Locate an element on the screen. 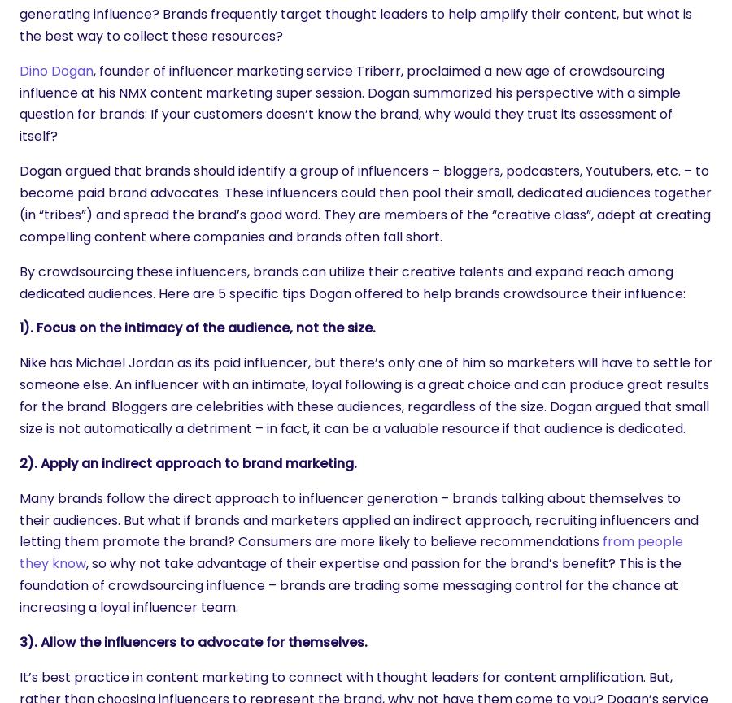 The height and width of the screenshot is (703, 732). 'Many brands follow the direct approach to influencer generation – brands talking about themselves to their audiences. But what if brands and marketers applied an indirect approach, recruiting influencers and letting them promote the brand? Consumers are more likely to believe recommendations' is located at coordinates (359, 519).